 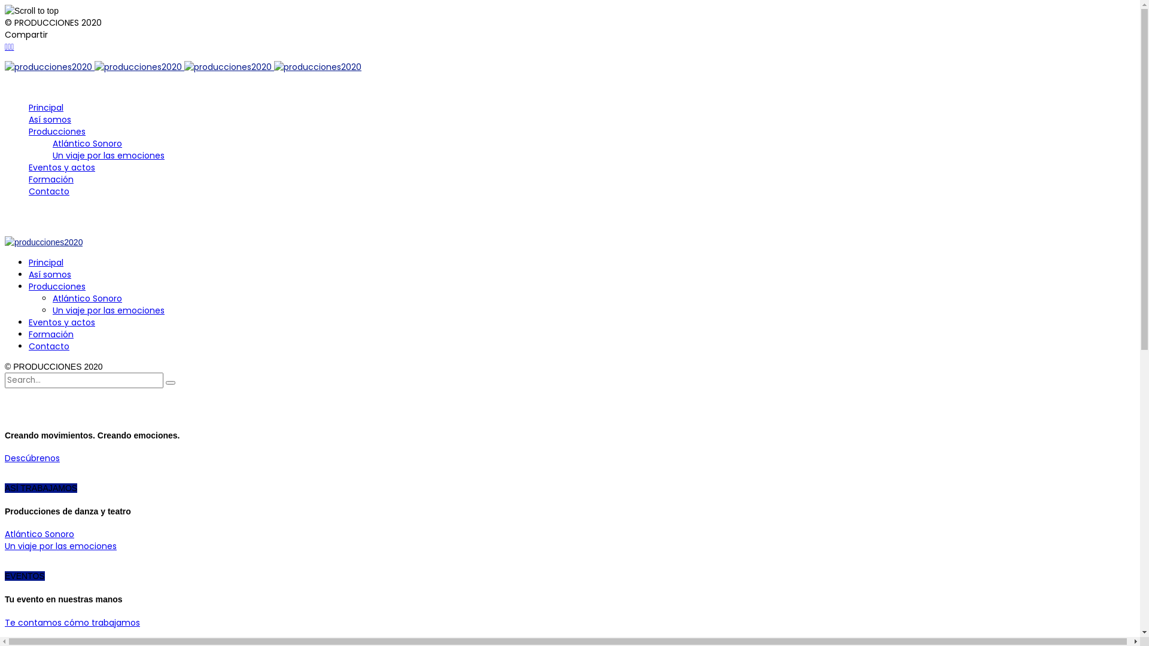 I want to click on 'Eventos y actos', so click(x=61, y=322).